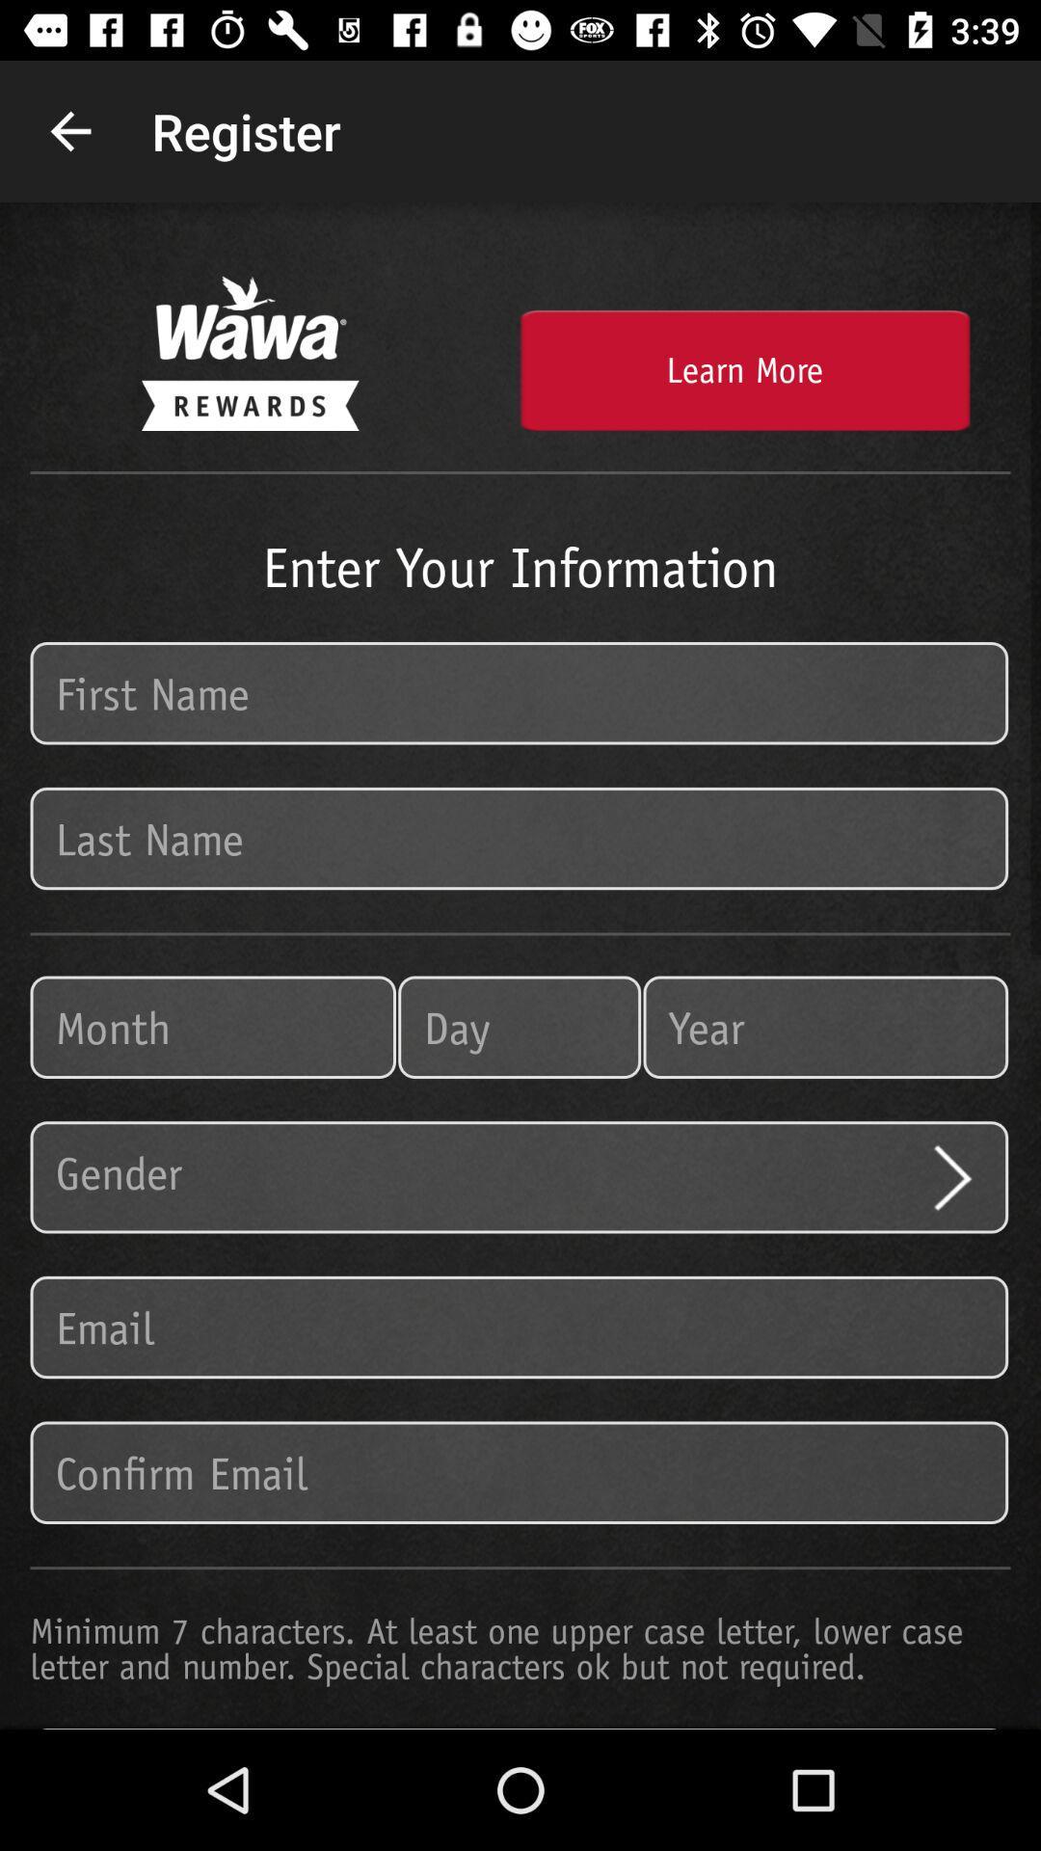 This screenshot has height=1851, width=1041. Describe the element at coordinates (743, 370) in the screenshot. I see `the learn more item` at that location.